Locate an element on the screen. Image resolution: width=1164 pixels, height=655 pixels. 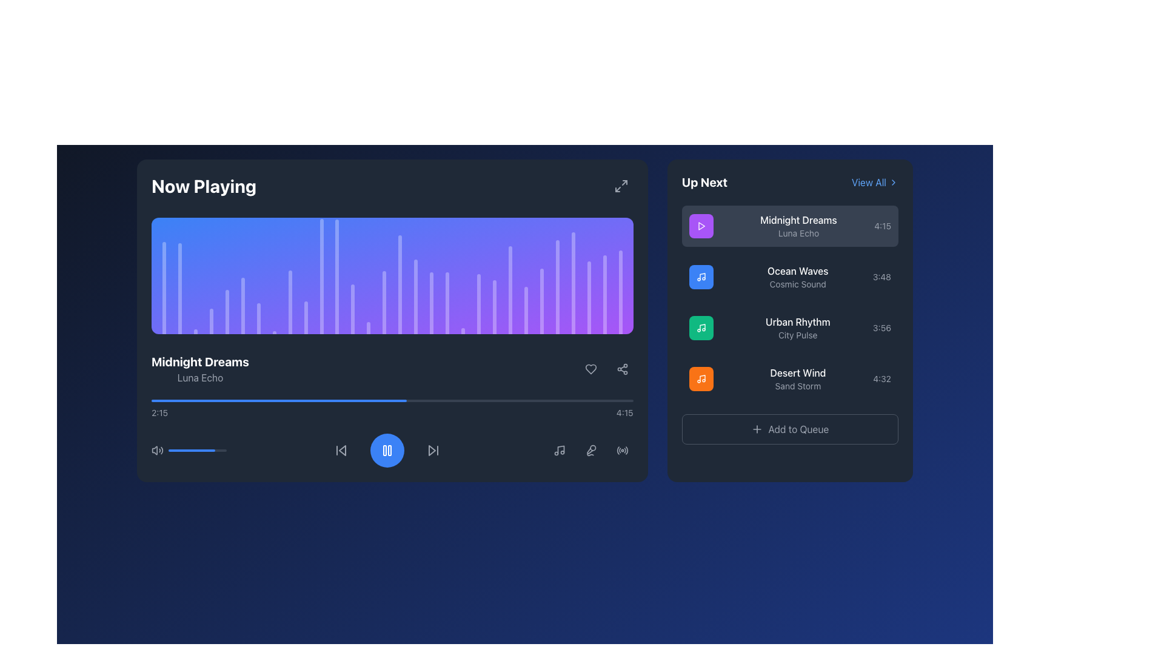
the progress bar is located at coordinates (315, 400).